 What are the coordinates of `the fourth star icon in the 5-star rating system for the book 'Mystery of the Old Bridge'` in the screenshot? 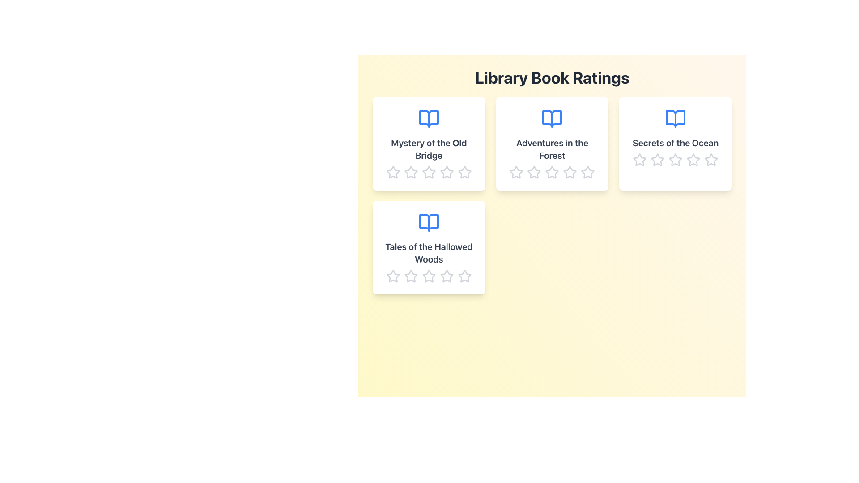 It's located at (447, 172).